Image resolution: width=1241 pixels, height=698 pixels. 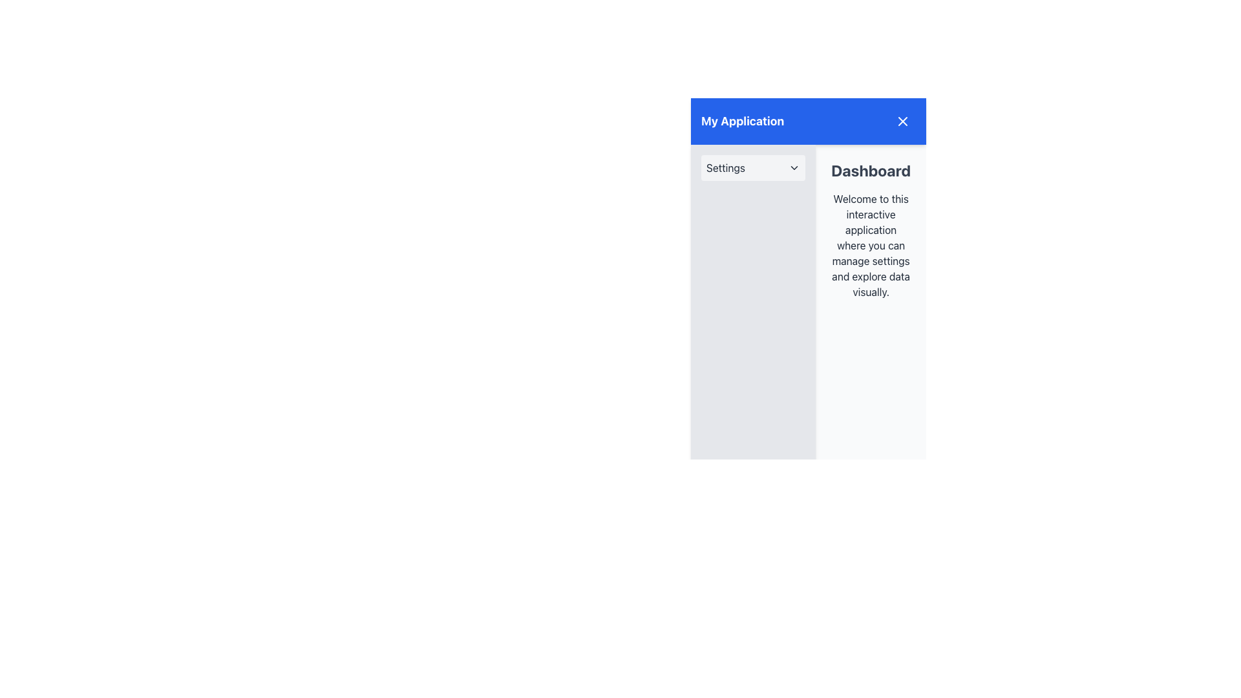 What do you see at coordinates (902, 122) in the screenshot?
I see `the close button located at the far-right of the 'My Application' title in the header section` at bounding box center [902, 122].